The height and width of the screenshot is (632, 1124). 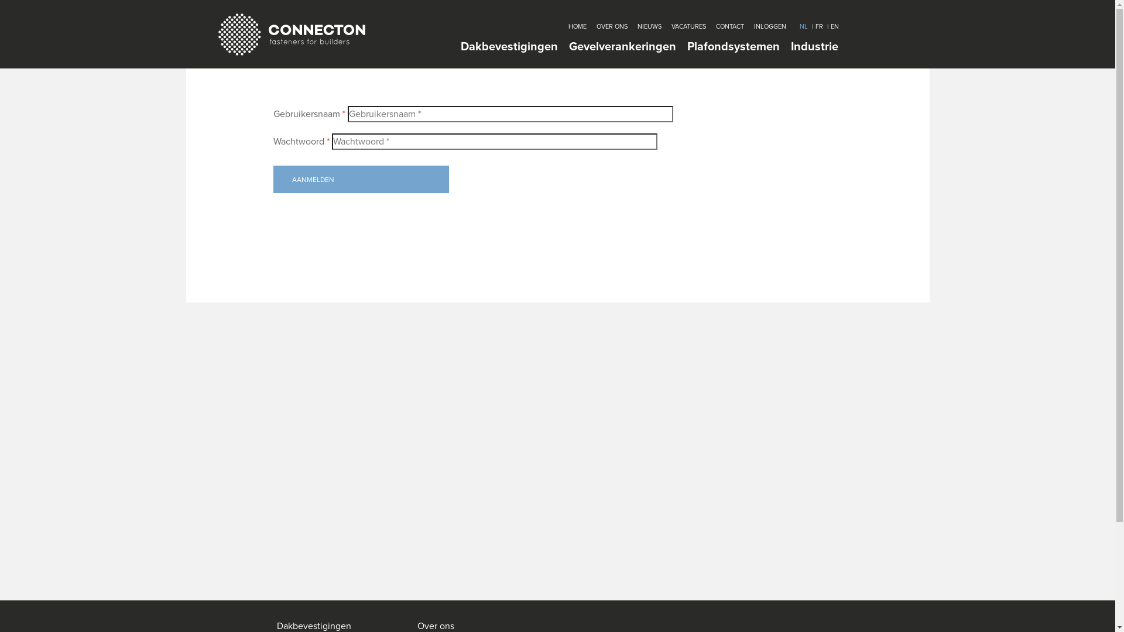 I want to click on 'Dakbevestigingen', so click(x=508, y=46).